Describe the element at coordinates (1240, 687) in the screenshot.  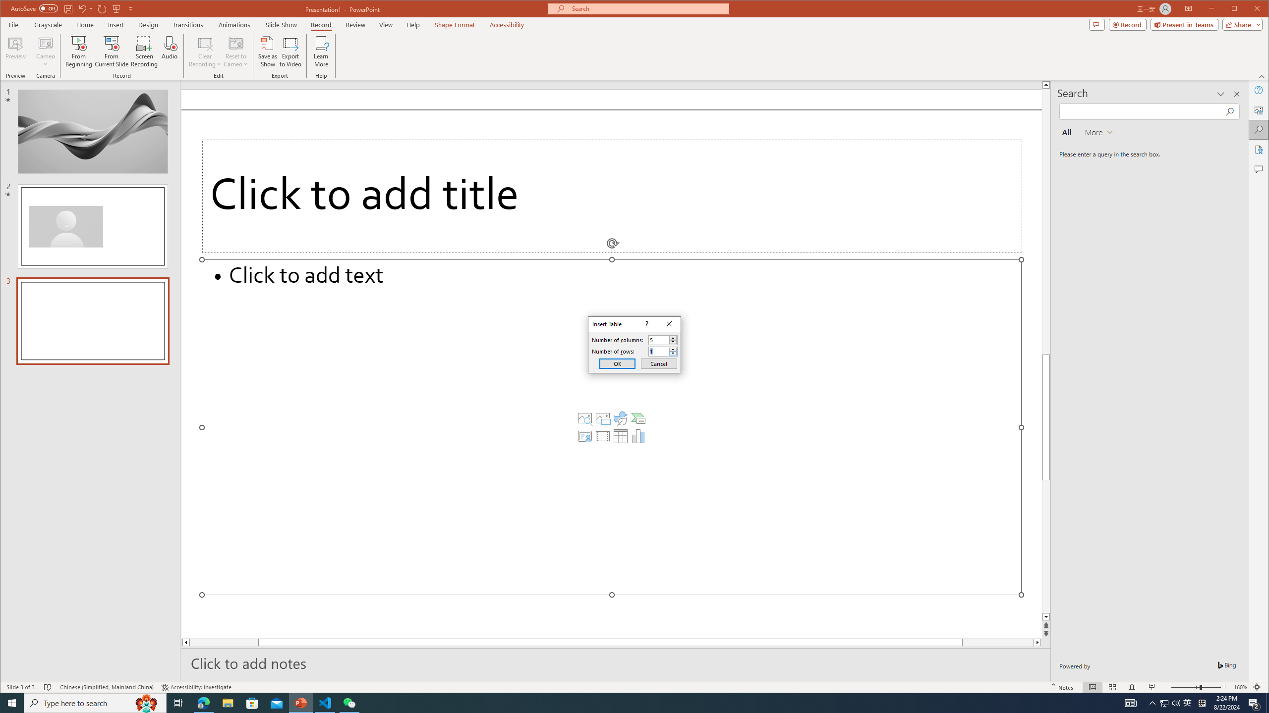
I see `'Zoom 160%'` at that location.